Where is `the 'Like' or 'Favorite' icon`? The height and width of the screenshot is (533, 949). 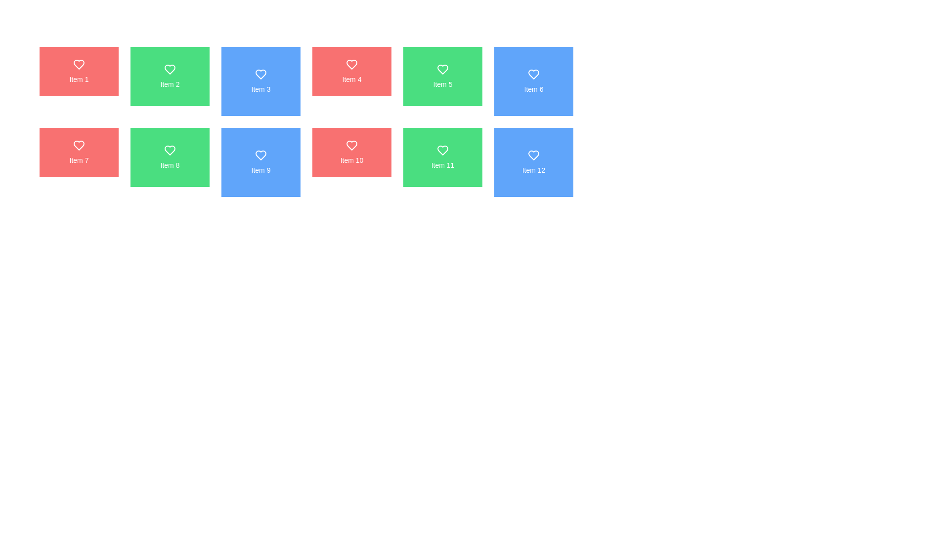 the 'Like' or 'Favorite' icon is located at coordinates (261, 74).